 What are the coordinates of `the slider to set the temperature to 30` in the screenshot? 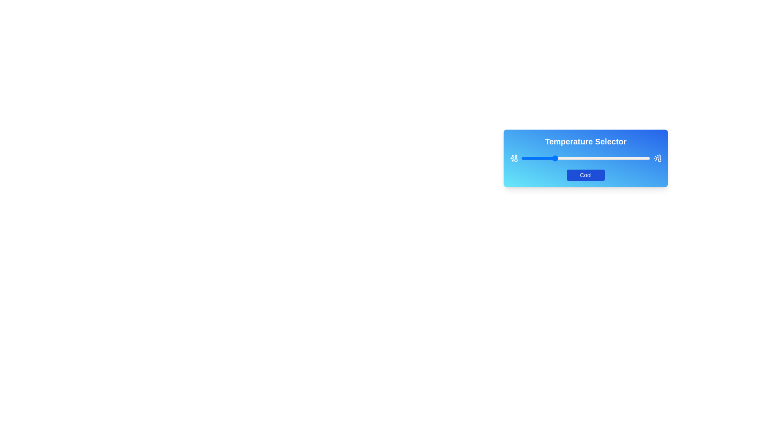 It's located at (560, 158).